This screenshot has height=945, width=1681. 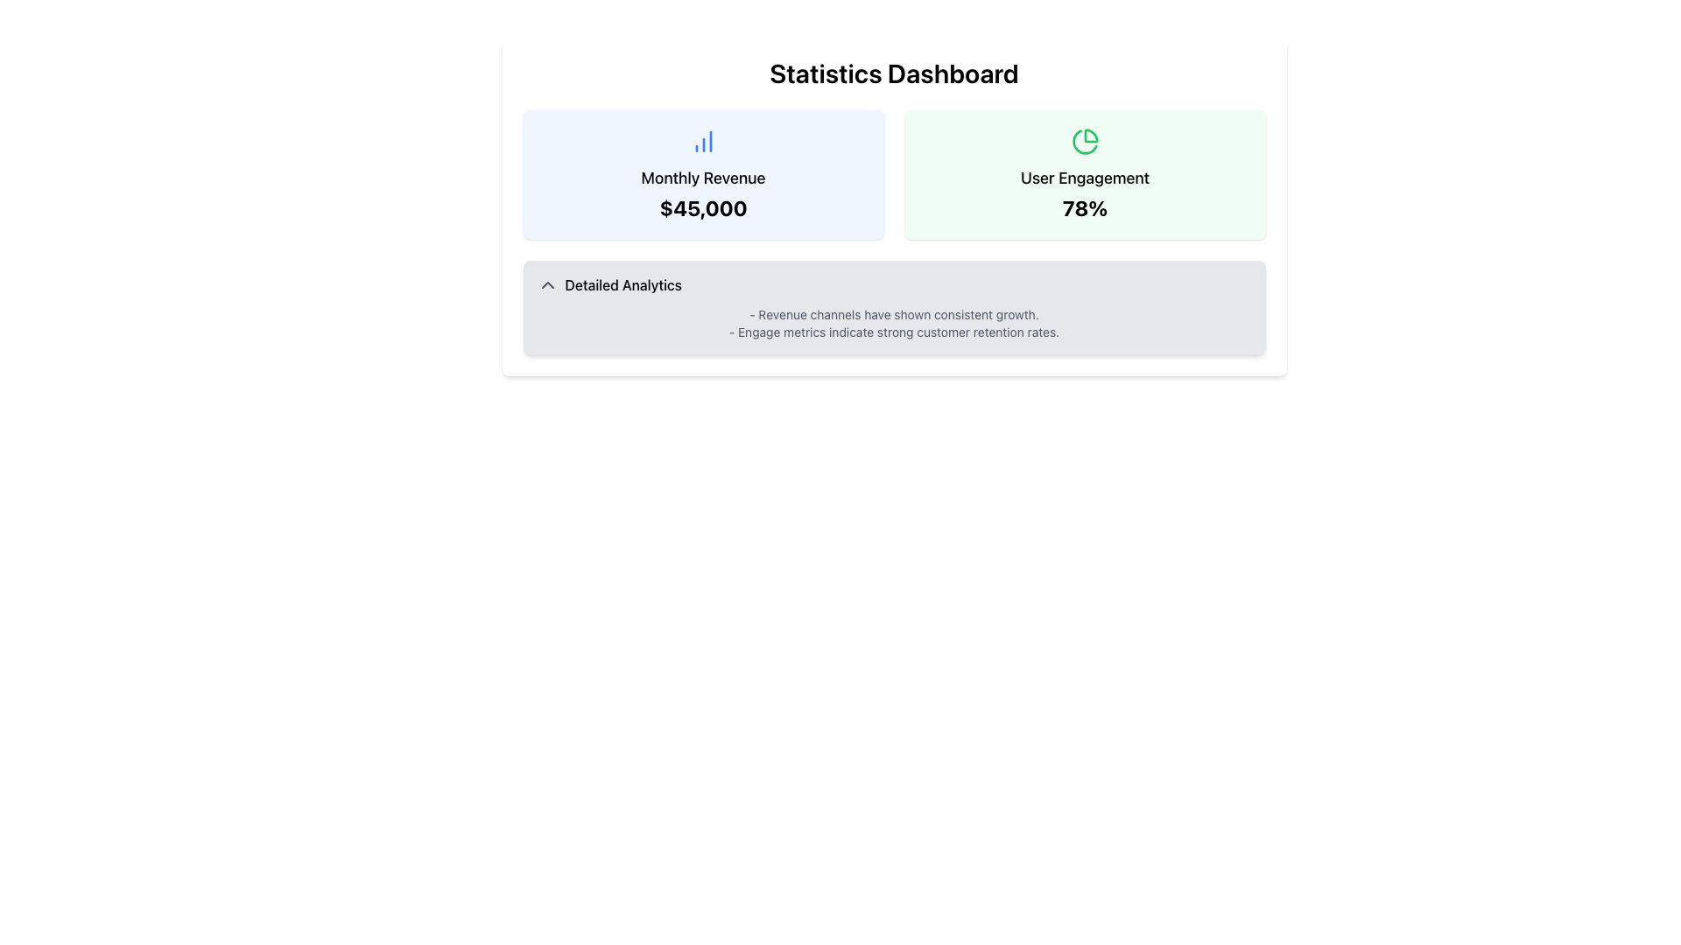 What do you see at coordinates (623, 284) in the screenshot?
I see `the text label displaying 'Detailed Analytics', which is styled in black and positioned adjacent to a downward arrow icon` at bounding box center [623, 284].